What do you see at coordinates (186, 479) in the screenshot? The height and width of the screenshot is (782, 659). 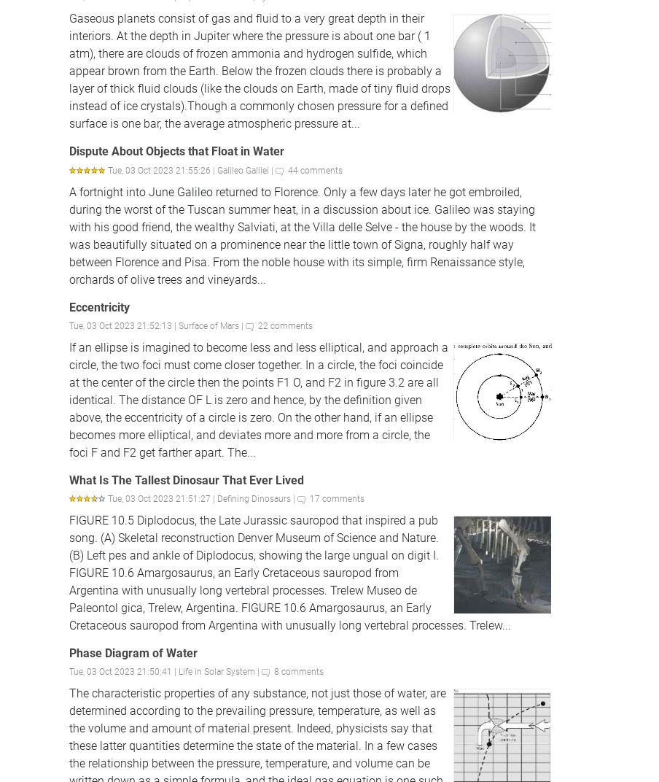 I see `'What Is The Tallest Dinosaur That Ever Lived'` at bounding box center [186, 479].